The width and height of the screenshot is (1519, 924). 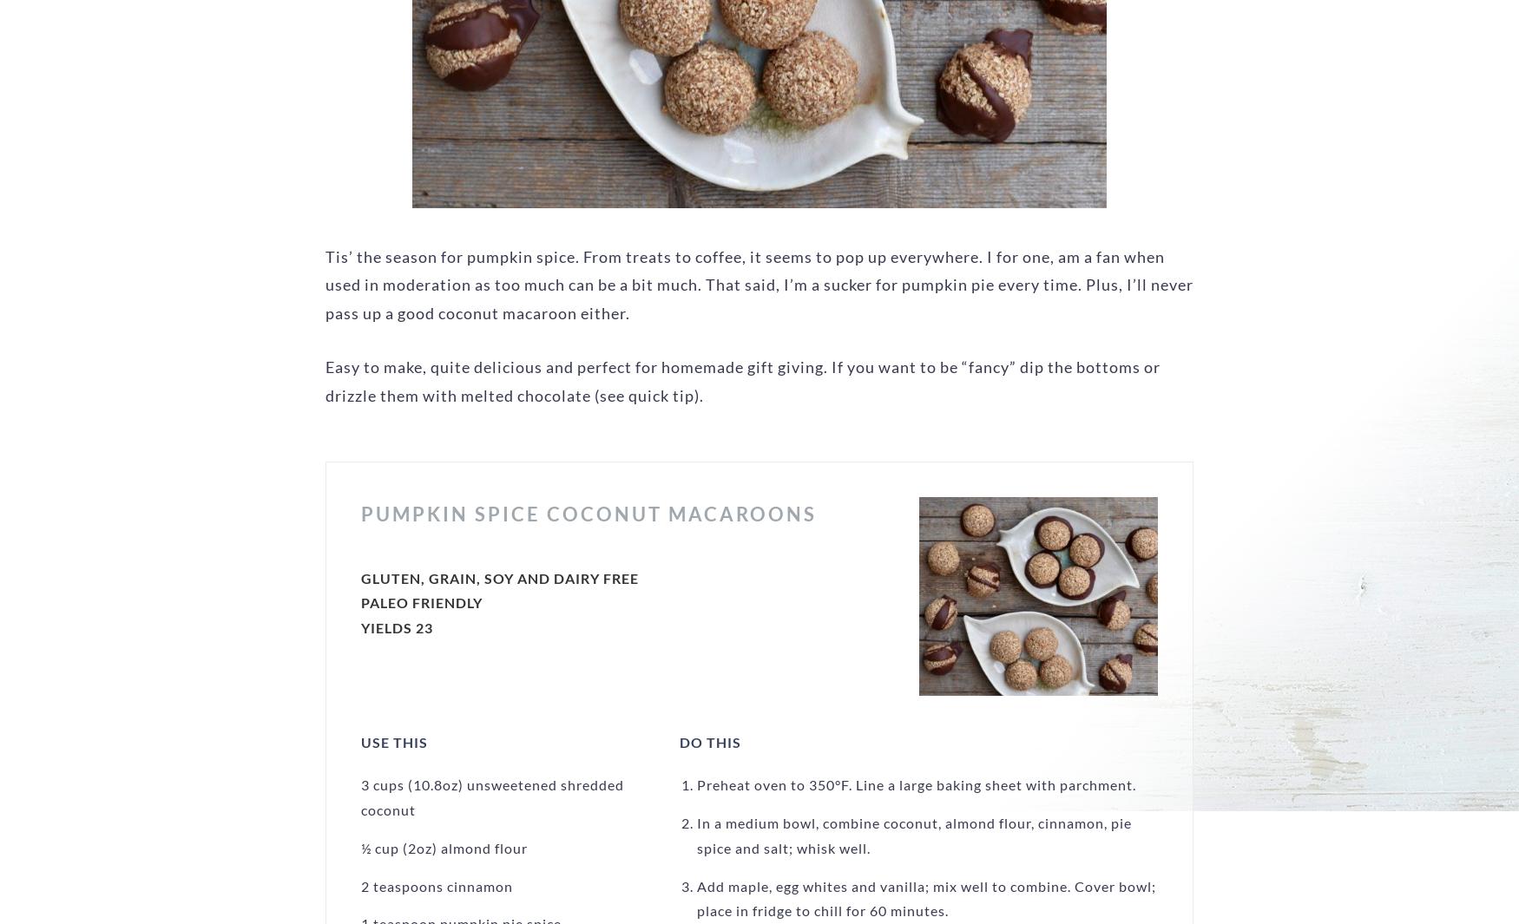 I want to click on 'Add maple, egg whites and vanilla; mix well to combine. Cover bowl; place in fridge to chill for 60 minutes.', so click(x=926, y=897).